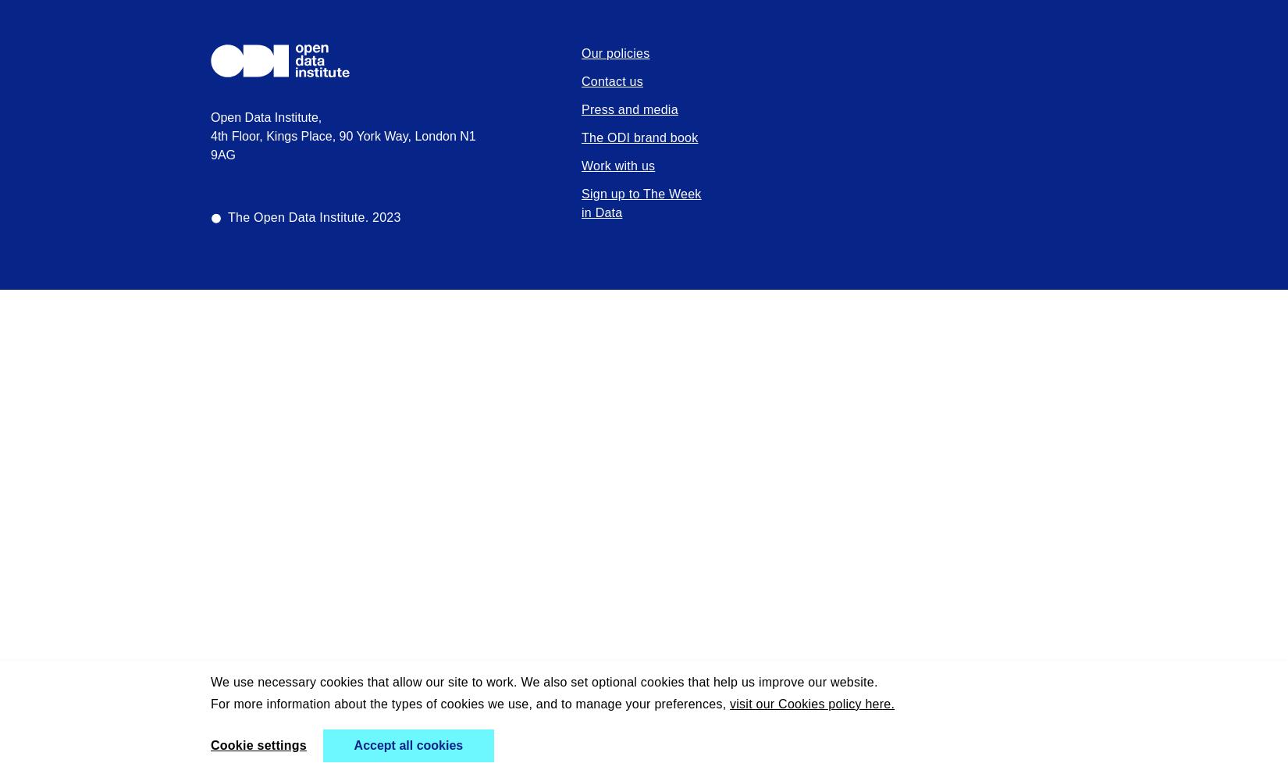 This screenshot has height=781, width=1288. Describe the element at coordinates (730, 704) in the screenshot. I see `'visit our Cookies policy here.'` at that location.